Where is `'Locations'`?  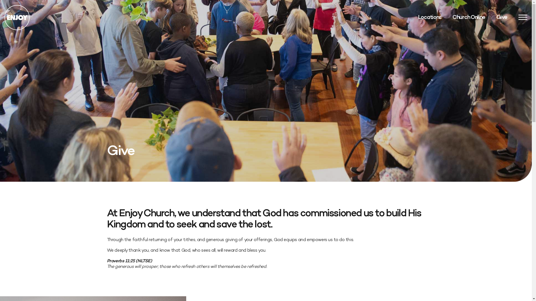
'Locations' is located at coordinates (418, 17).